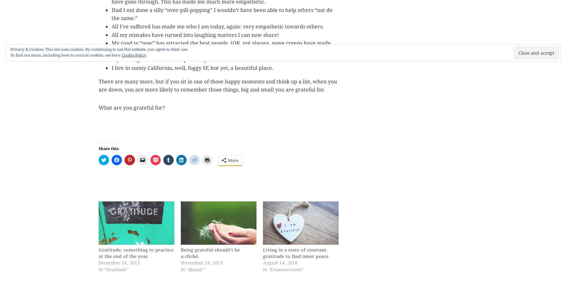  Describe the element at coordinates (217, 26) in the screenshot. I see `'All I’ve suffered has made me who I am today, again: very empathetic towards others.'` at that location.